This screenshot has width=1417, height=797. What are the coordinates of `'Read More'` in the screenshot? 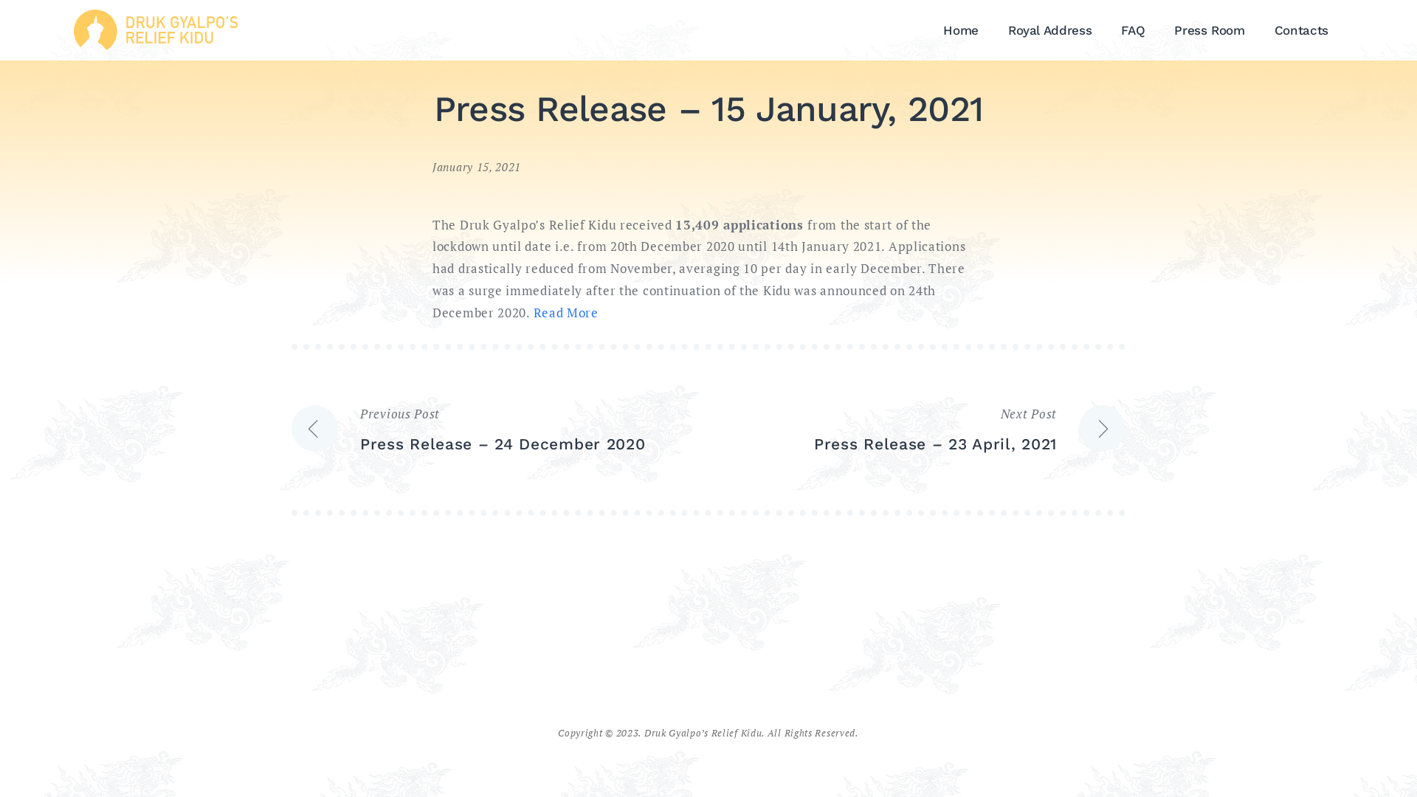 It's located at (565, 311).